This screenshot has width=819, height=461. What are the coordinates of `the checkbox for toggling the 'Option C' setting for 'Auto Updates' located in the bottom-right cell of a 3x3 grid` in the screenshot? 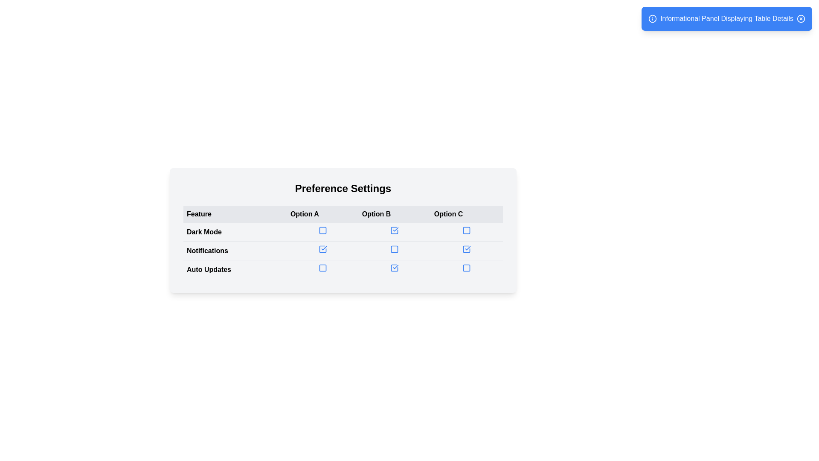 It's located at (466, 268).